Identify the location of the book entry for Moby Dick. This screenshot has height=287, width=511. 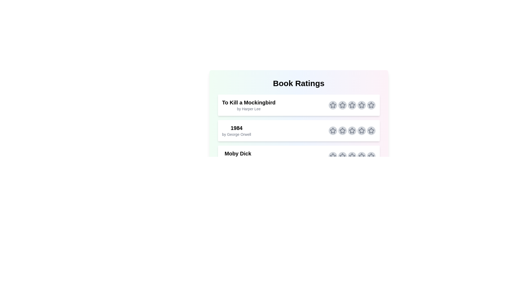
(299, 156).